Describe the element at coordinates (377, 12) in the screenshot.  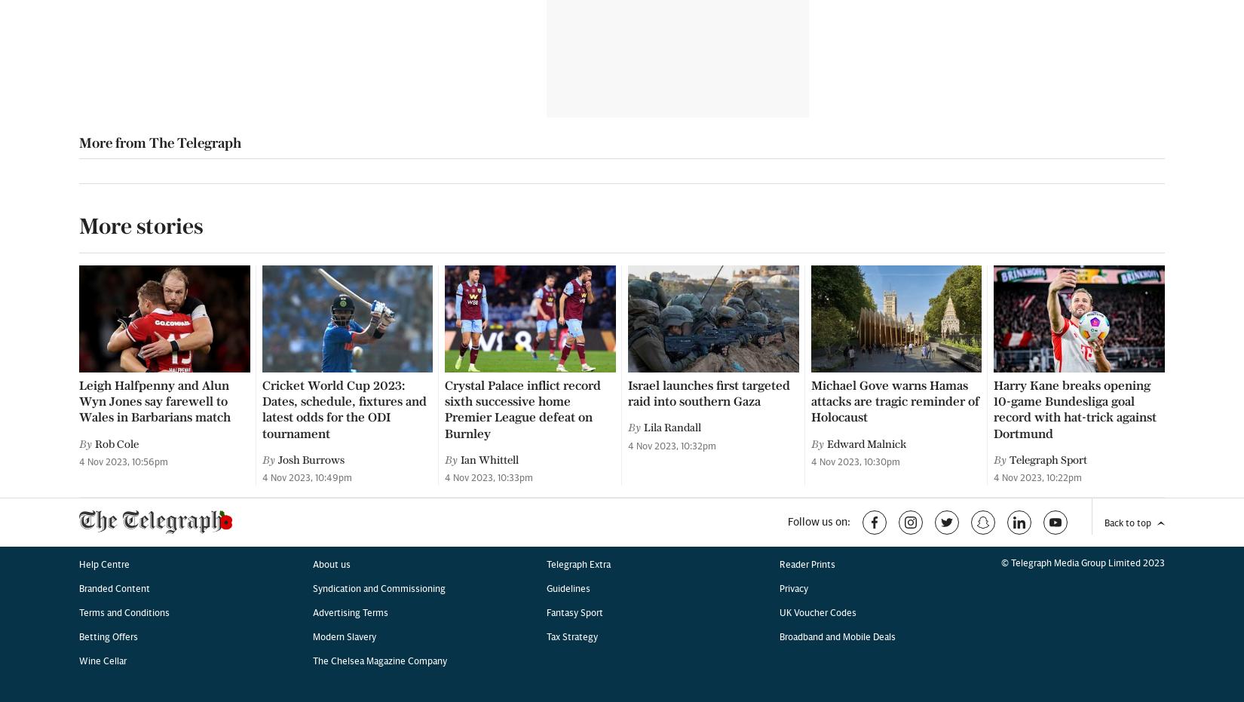
I see `'Syndication and Commissioning'` at that location.